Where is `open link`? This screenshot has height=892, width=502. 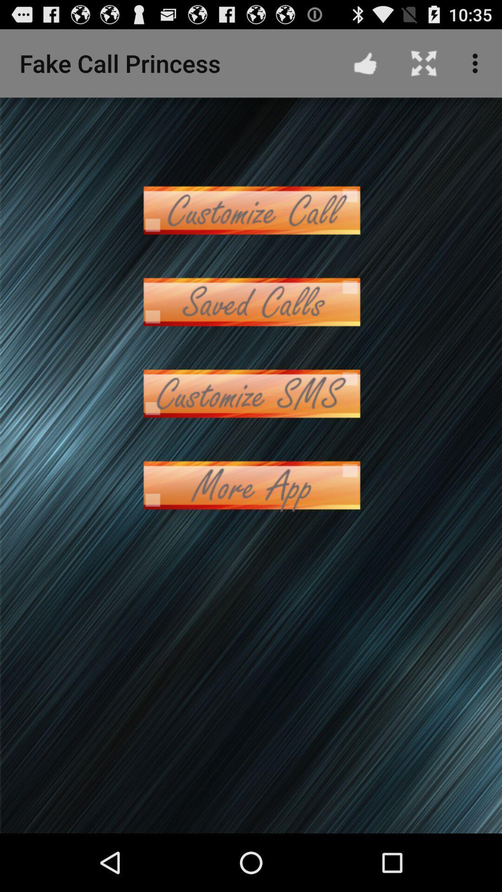
open link is located at coordinates (251, 210).